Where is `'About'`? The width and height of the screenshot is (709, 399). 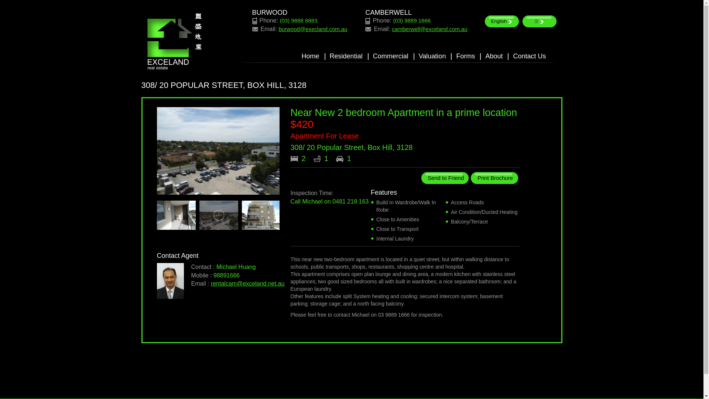
'About' is located at coordinates (494, 56).